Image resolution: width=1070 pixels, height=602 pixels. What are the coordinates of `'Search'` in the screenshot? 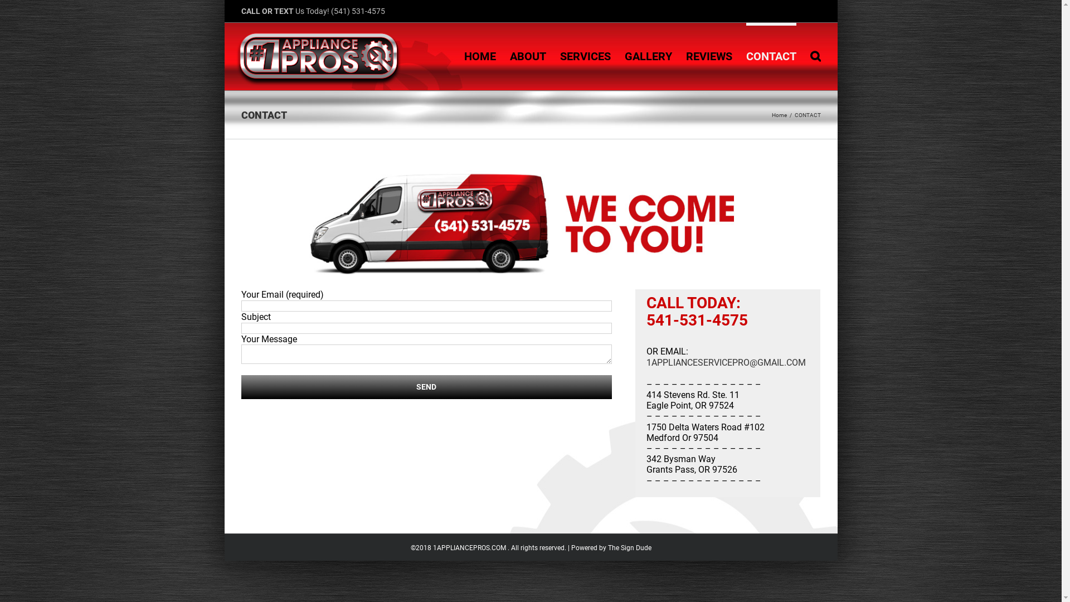 It's located at (815, 55).